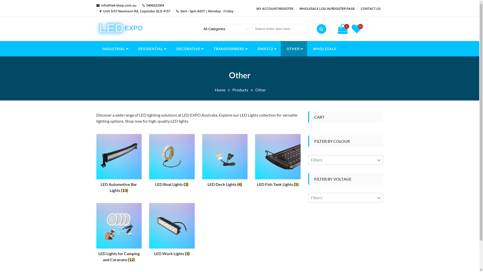 The height and width of the screenshot is (272, 483). I want to click on '  Unit 5/57 Neumann Rd, Capalaba QLD 4157', so click(135, 11).